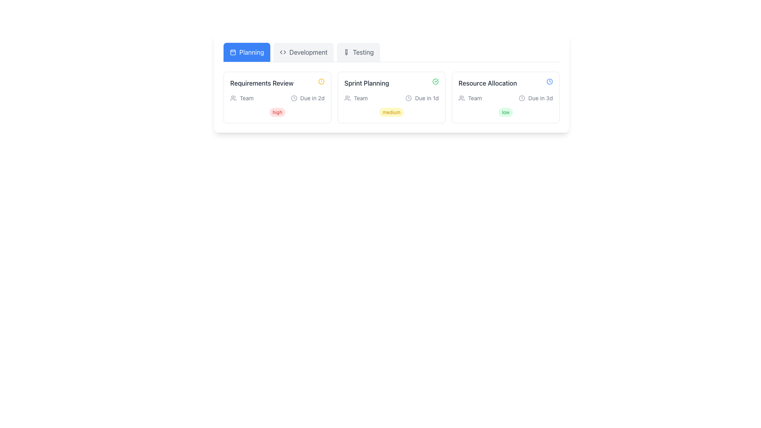 This screenshot has width=761, height=428. I want to click on text content of the label that displays 'Due in 1d', which is styled with a smaller font size and gray color, located to the right of a clock icon in the 'Sprint Planning' section, so click(426, 97).